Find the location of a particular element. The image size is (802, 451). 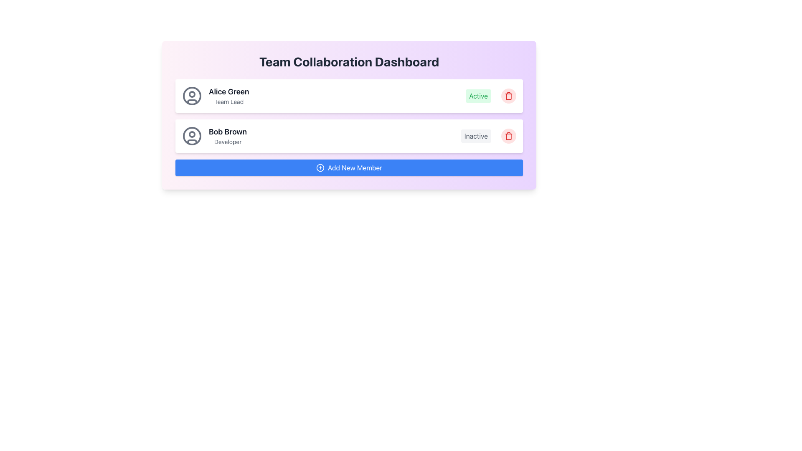

the Label Text element that identifies the team member 'Alice Green', who is the 'Team Lead' in the collaboration dashboard is located at coordinates (229, 96).